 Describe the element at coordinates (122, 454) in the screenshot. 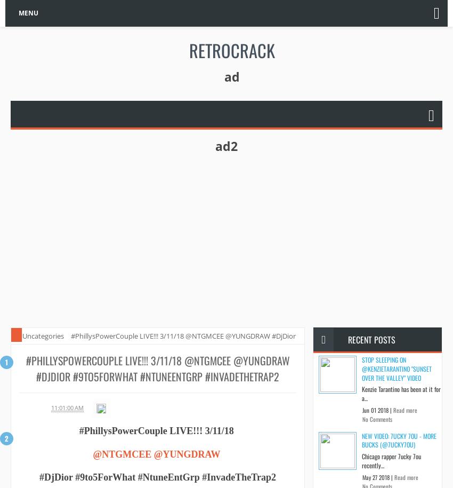

I see `'@NTGMCEE'` at that location.